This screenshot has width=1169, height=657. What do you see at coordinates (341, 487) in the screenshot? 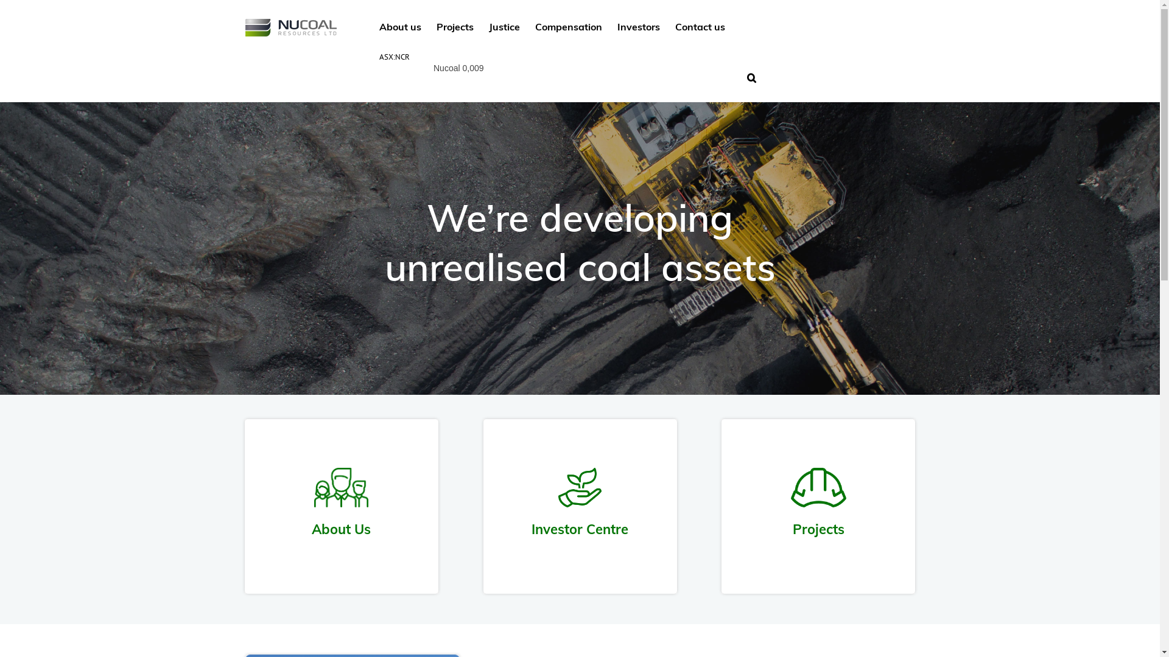
I see `'team-green-icon'` at bounding box center [341, 487].